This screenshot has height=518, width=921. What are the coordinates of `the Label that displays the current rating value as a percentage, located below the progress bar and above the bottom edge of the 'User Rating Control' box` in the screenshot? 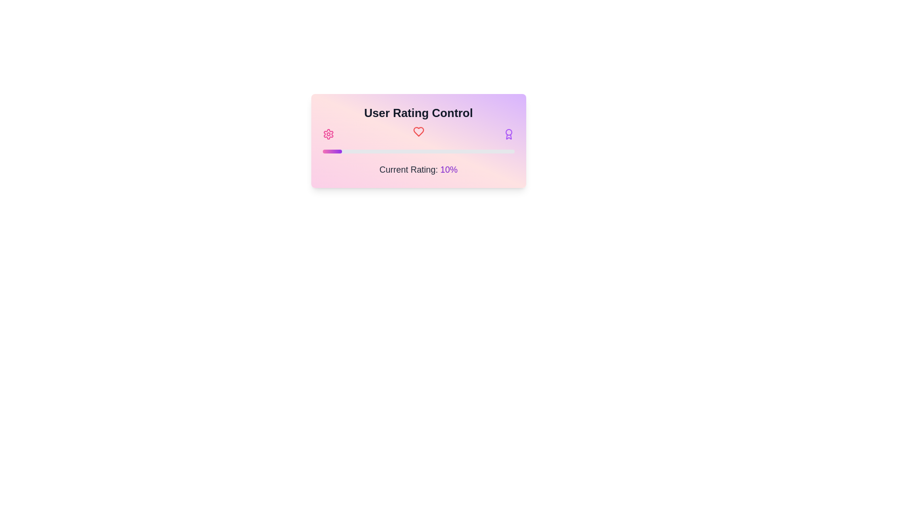 It's located at (418, 169).